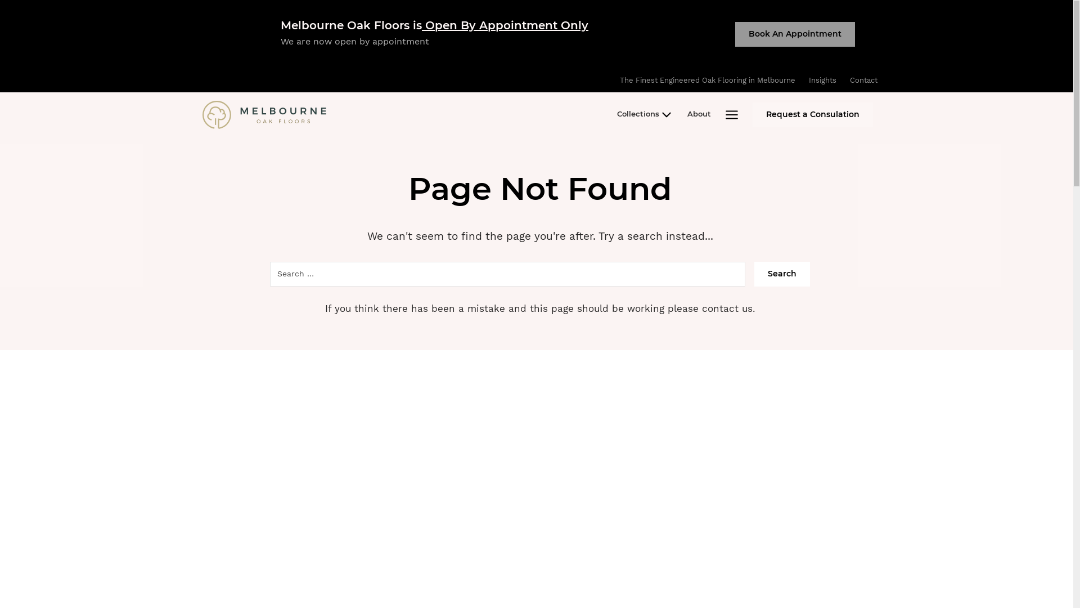  I want to click on 'Menu', so click(717, 115).